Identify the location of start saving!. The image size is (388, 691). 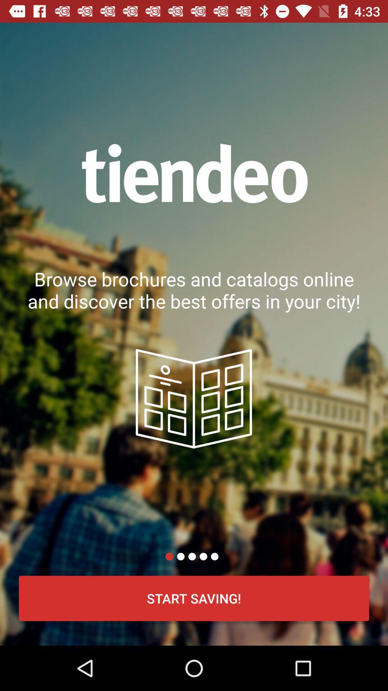
(194, 598).